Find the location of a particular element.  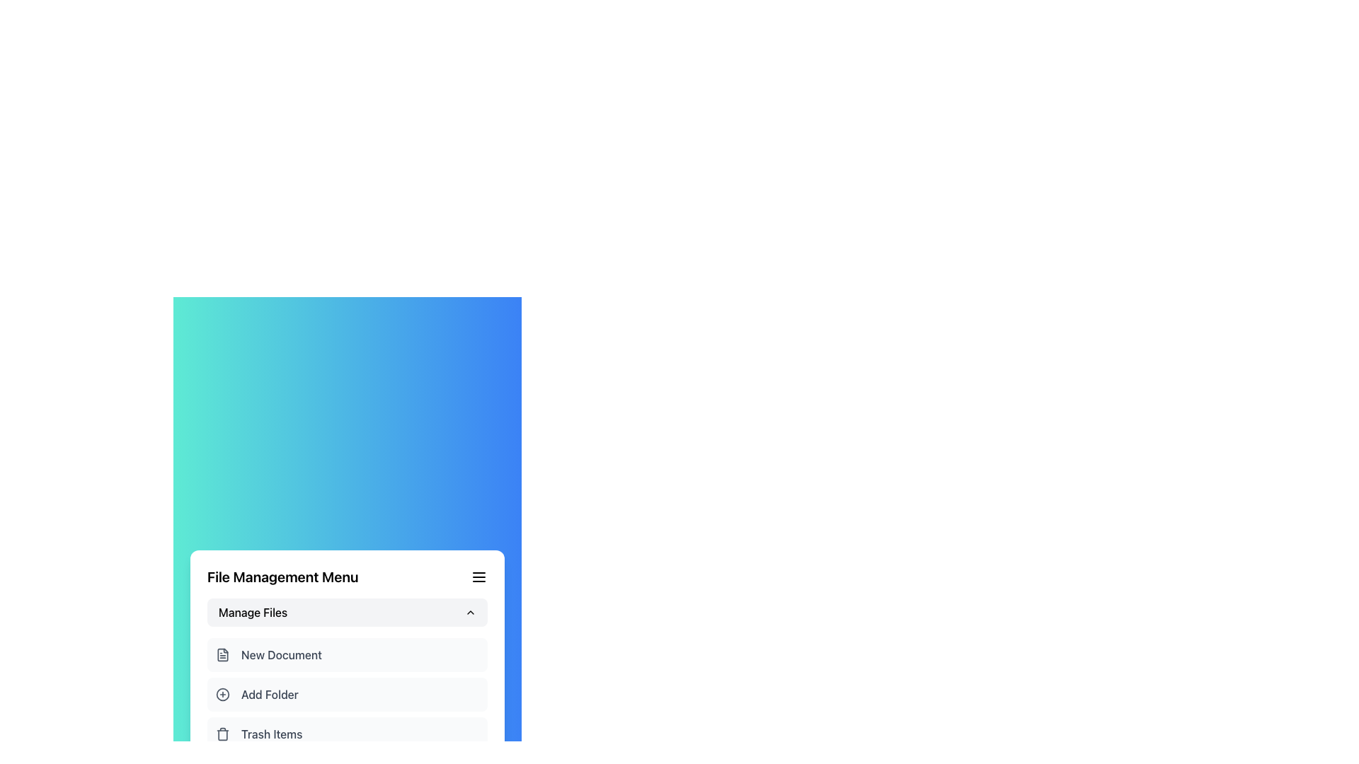

trash icon element, which is part of the visual representation for managing deleted items, located in the bottom-right section of the menu interface is located at coordinates (222, 734).